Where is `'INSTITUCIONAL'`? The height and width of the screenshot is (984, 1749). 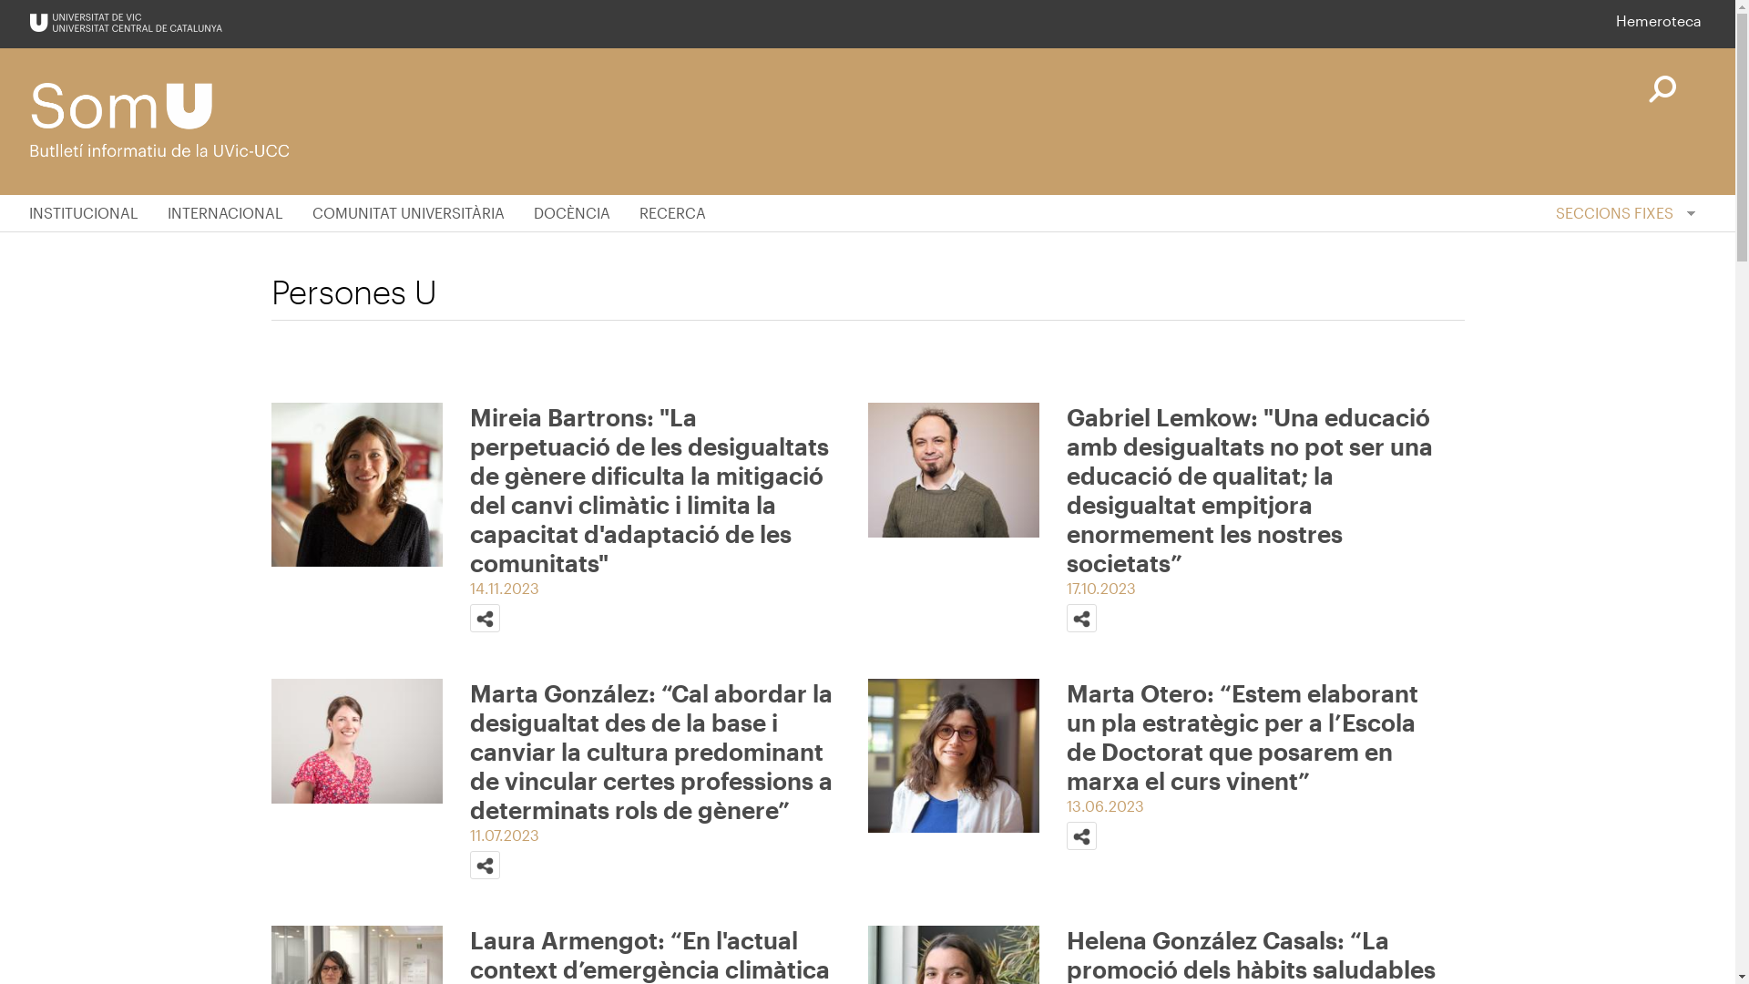
'INSTITUCIONAL' is located at coordinates (90, 212).